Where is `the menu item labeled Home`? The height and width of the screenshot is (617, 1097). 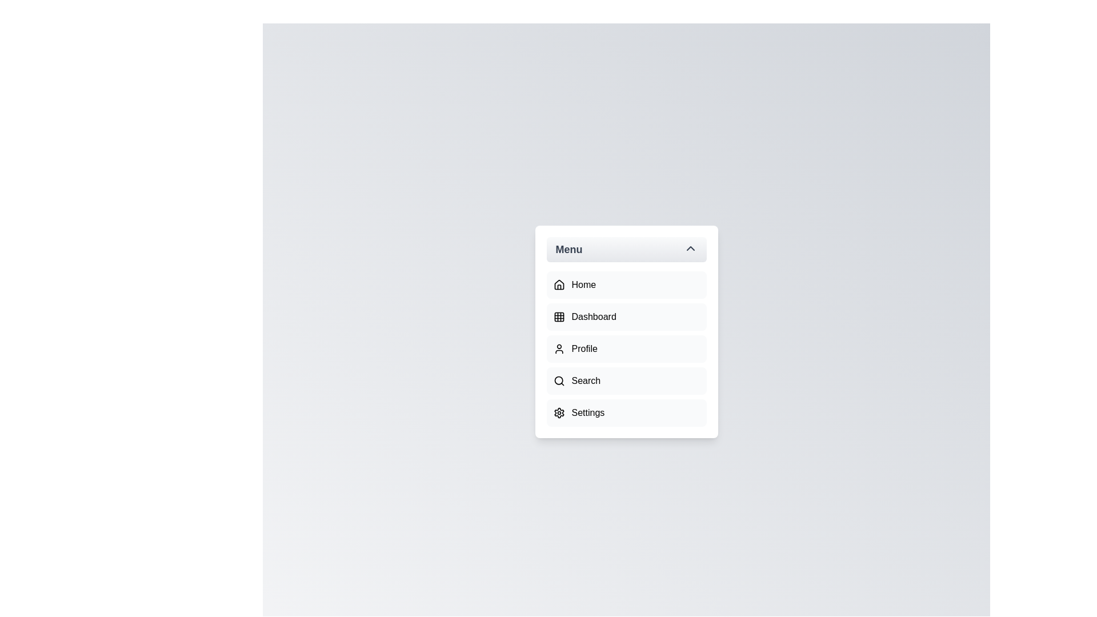 the menu item labeled Home is located at coordinates (626, 284).